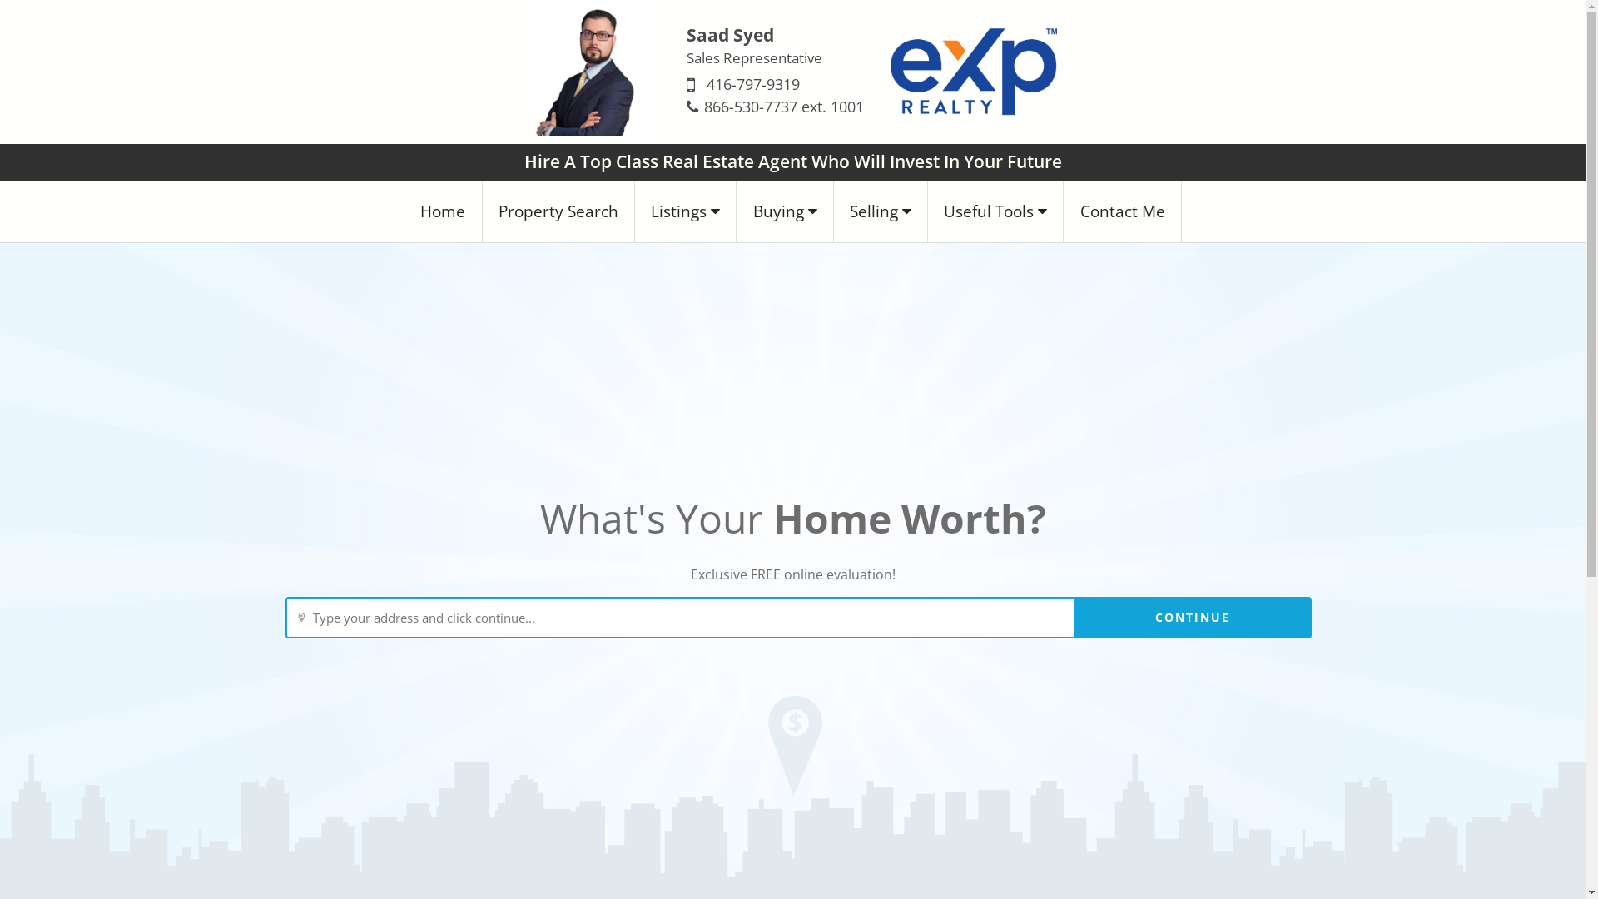 Image resolution: width=1598 pixels, height=899 pixels. Describe the element at coordinates (782, 106) in the screenshot. I see `'866-530-7737 ext. 1001'` at that location.